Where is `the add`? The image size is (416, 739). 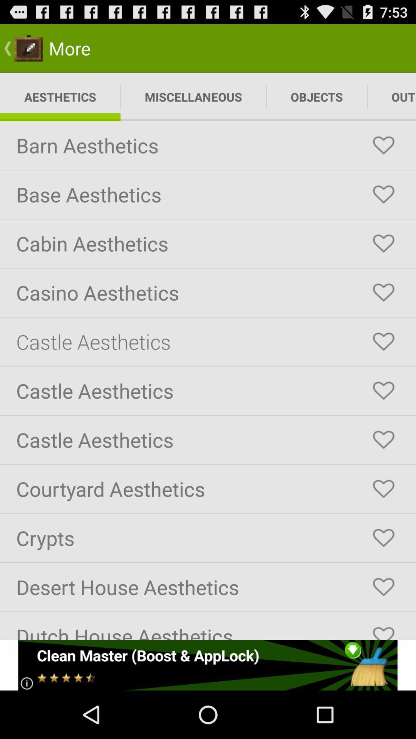 the add is located at coordinates (207, 665).